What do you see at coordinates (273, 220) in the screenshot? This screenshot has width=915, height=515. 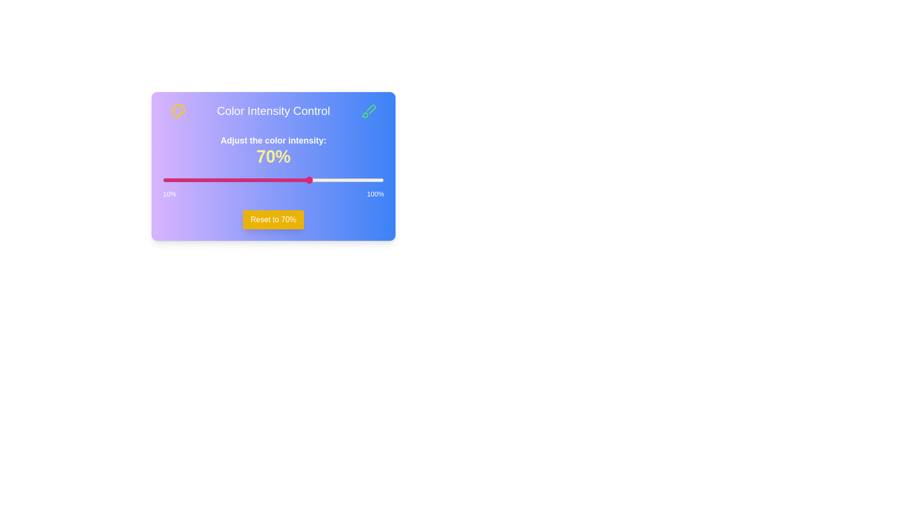 I see `the 'Reset to 70%' button to reset the intensity` at bounding box center [273, 220].